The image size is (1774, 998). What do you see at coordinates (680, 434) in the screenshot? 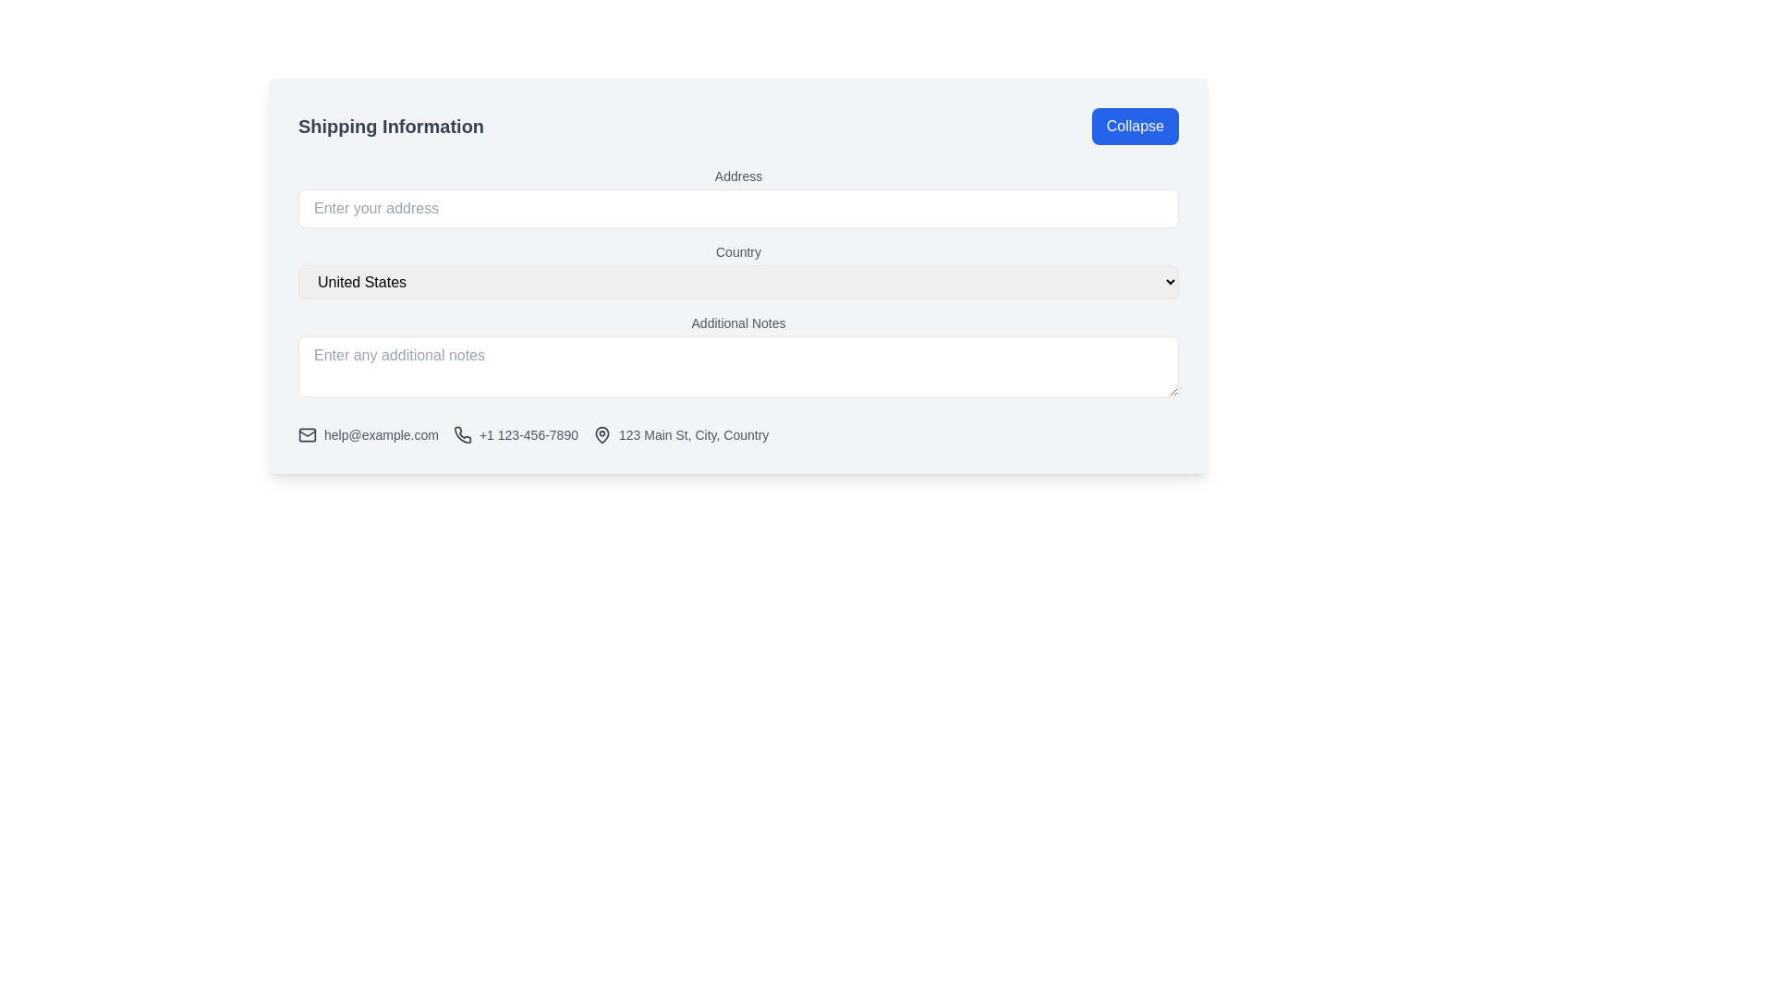
I see `the address text-label that displays '123 Main St, City, Country' with an accompanying location pin icon, positioned as the third item in a row of informational elements at the bottom of the card` at bounding box center [680, 434].